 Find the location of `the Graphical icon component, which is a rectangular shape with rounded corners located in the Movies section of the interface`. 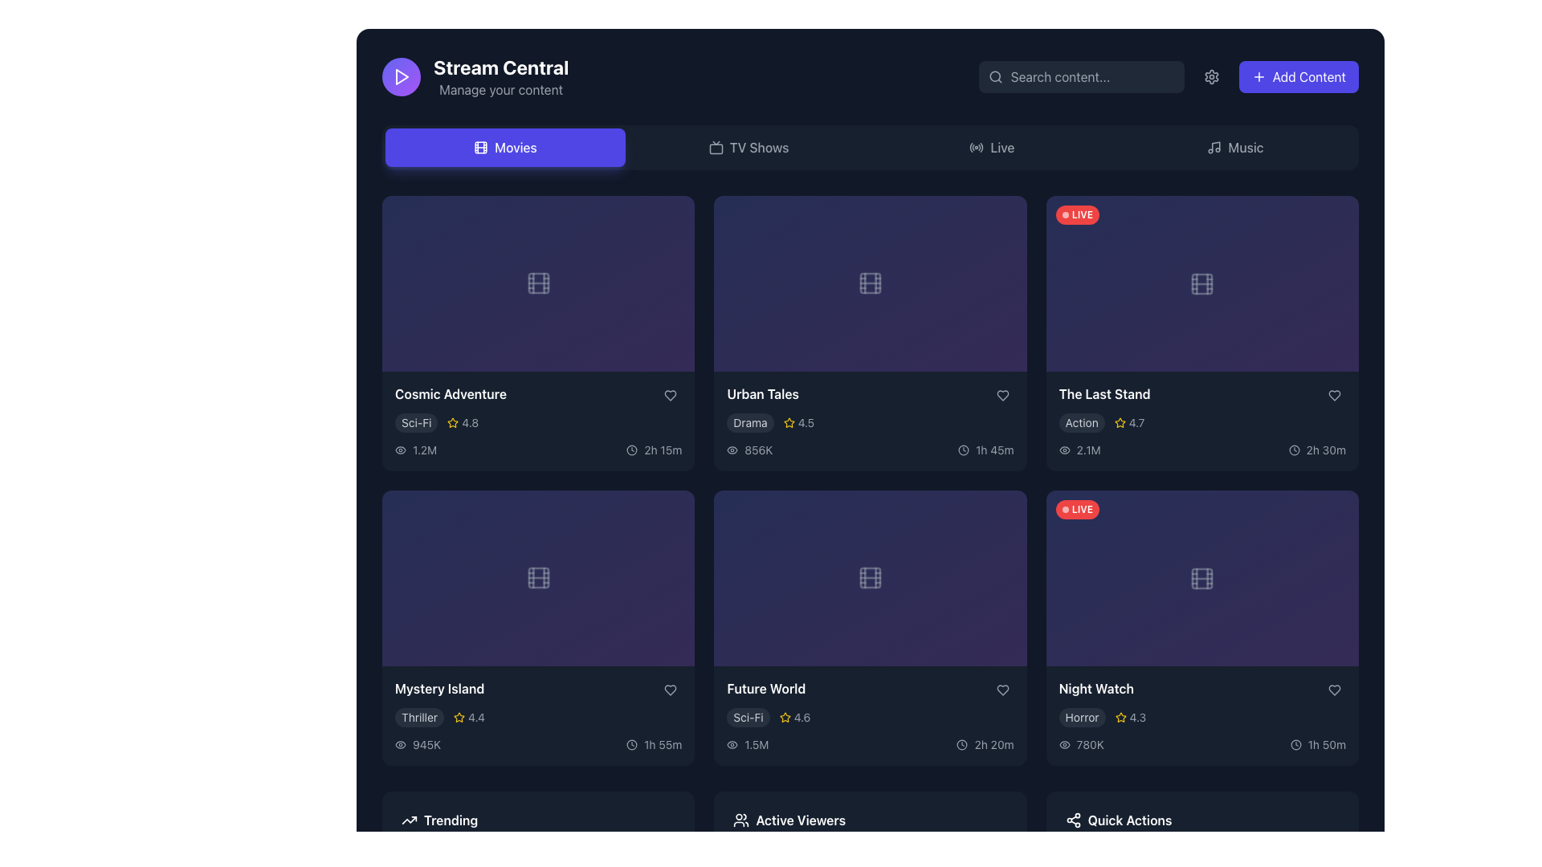

the Graphical icon component, which is a rectangular shape with rounded corners located in the Movies section of the interface is located at coordinates (480, 148).